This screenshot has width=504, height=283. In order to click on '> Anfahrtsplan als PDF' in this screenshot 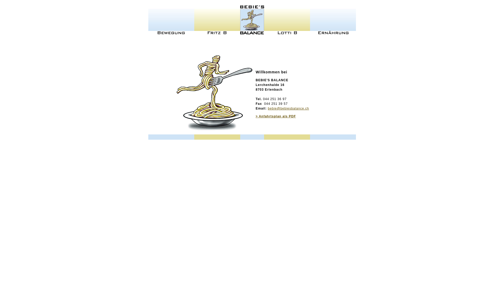, I will do `click(275, 116)`.